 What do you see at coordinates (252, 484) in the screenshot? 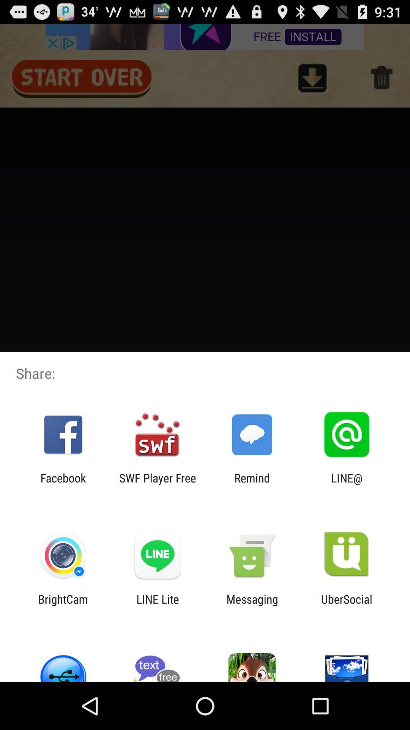
I see `item to the left of line@ icon` at bounding box center [252, 484].